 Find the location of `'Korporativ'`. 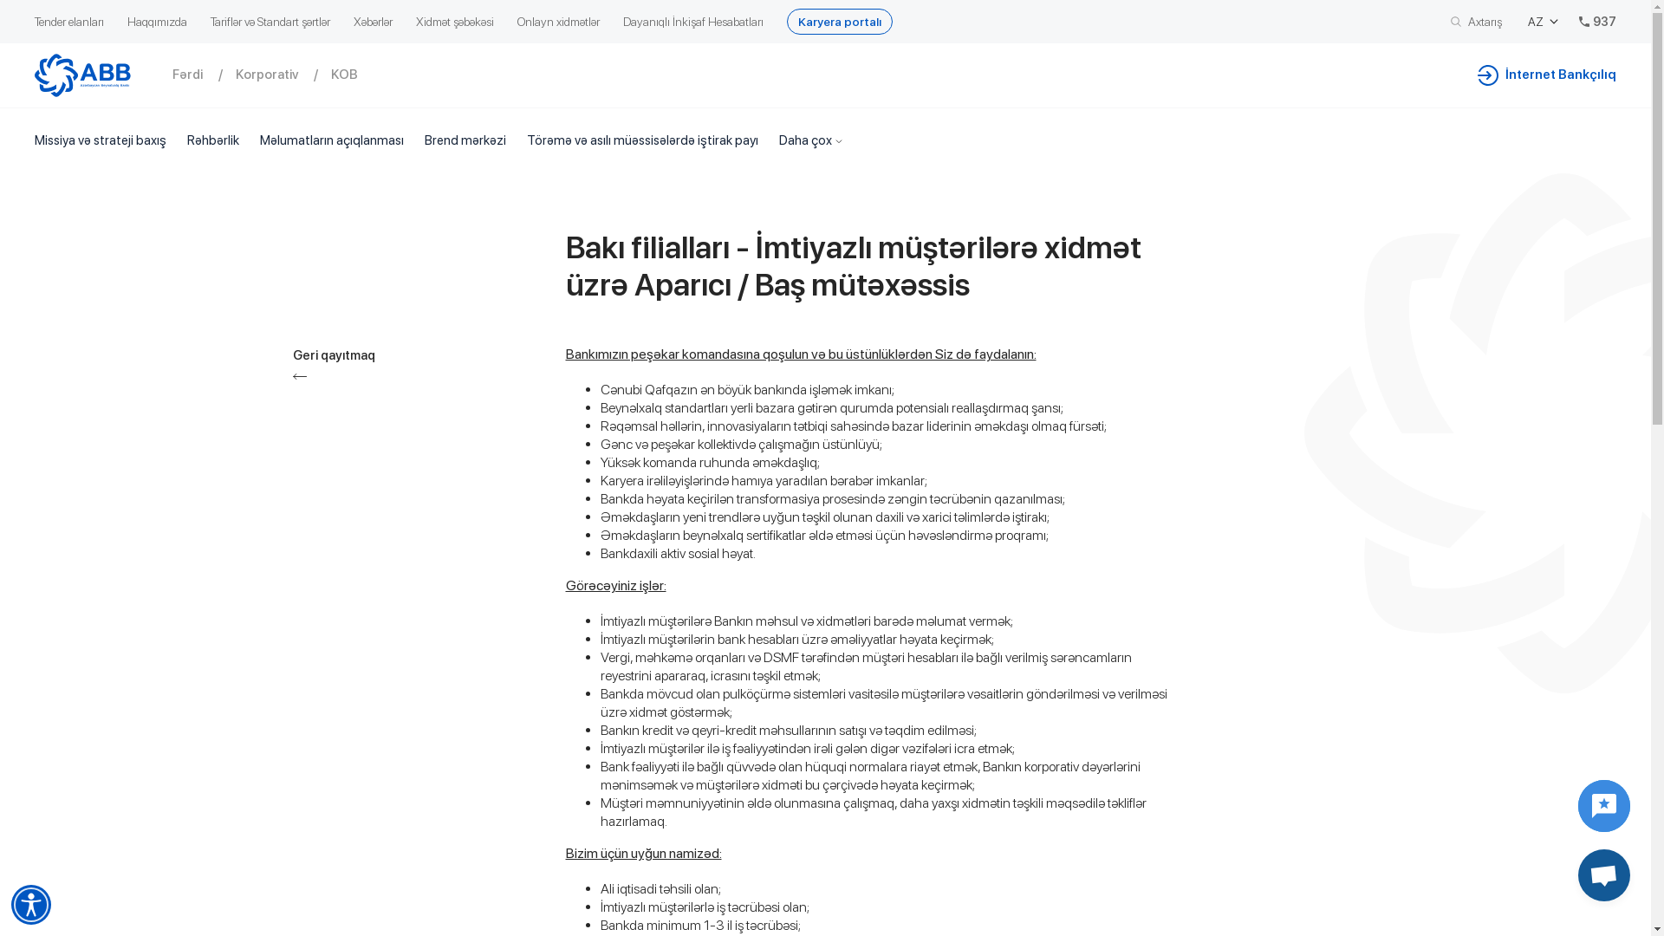

'Korporativ' is located at coordinates (283, 74).